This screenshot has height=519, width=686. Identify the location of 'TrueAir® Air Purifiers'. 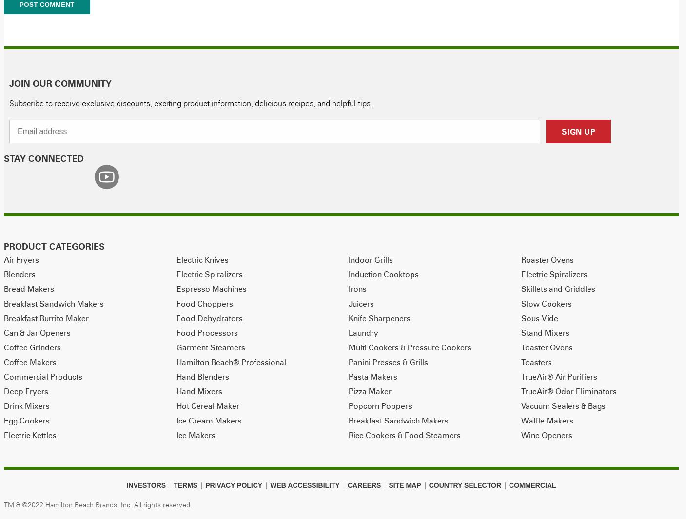
(559, 376).